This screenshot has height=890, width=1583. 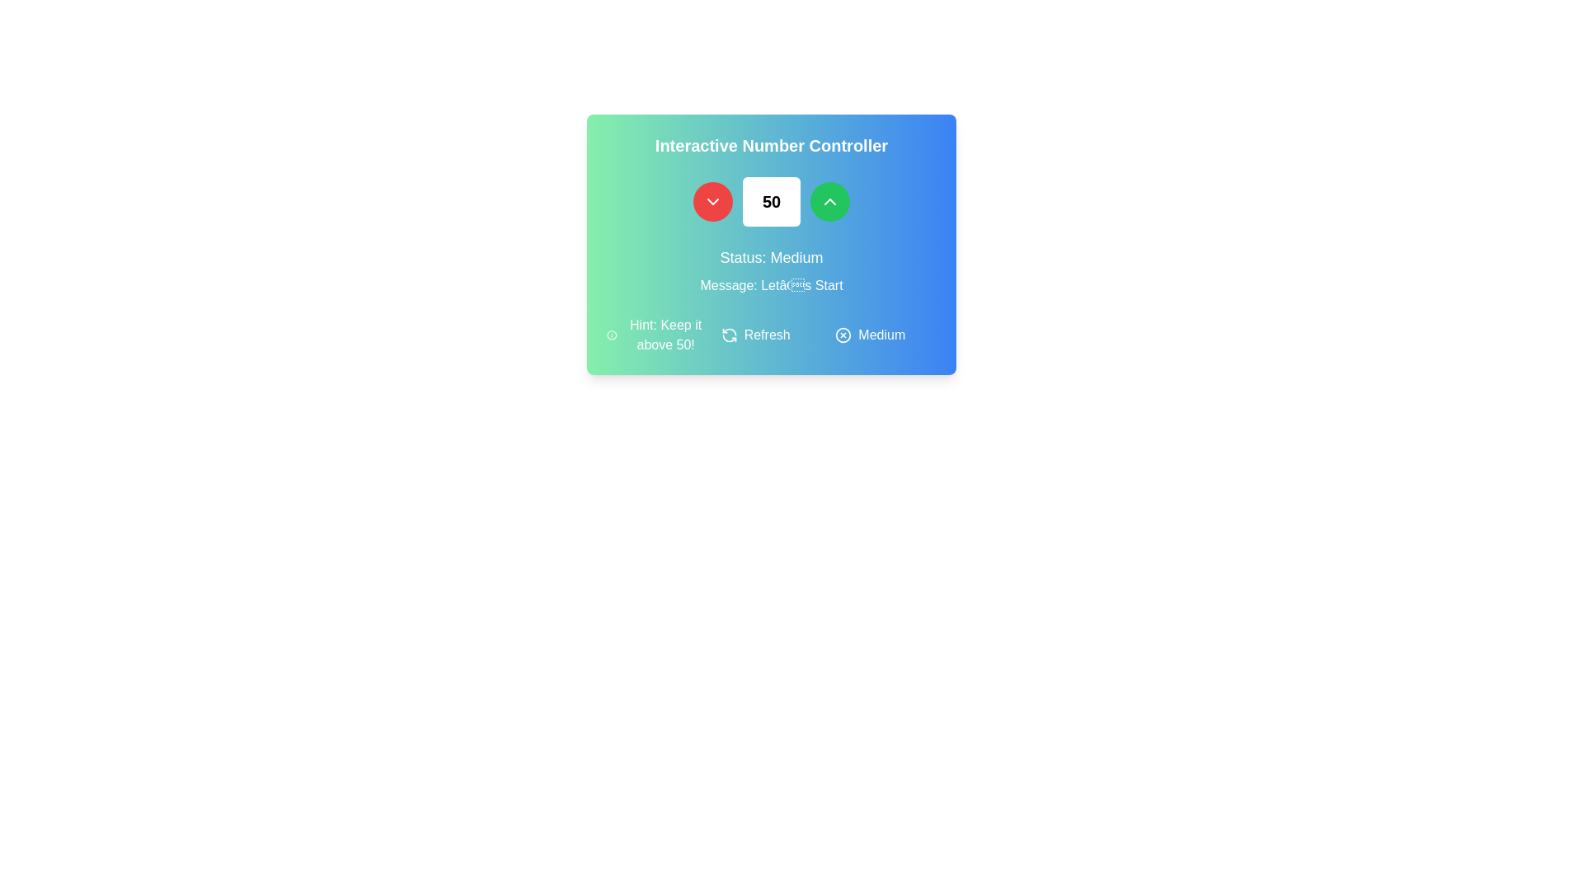 What do you see at coordinates (665, 335) in the screenshot?
I see `the static text that provides a contextual hint or guideline related to the card's functionality, located in the lower-left quadrant of the card layout, to the right of an informational icon` at bounding box center [665, 335].